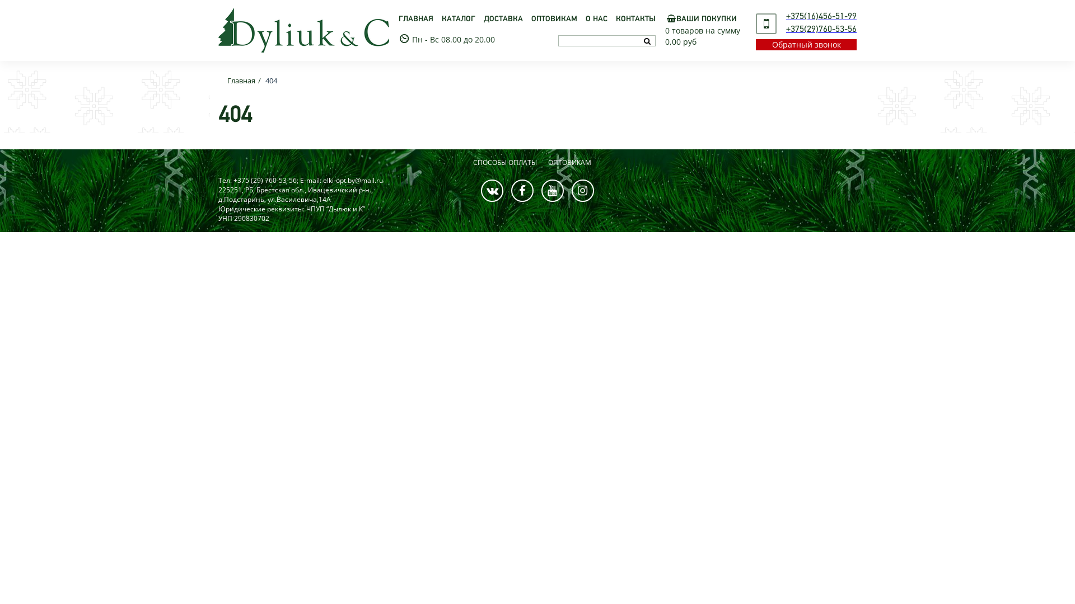 This screenshot has width=1075, height=604. Describe the element at coordinates (821, 17) in the screenshot. I see `'+375(16)456-51-99'` at that location.